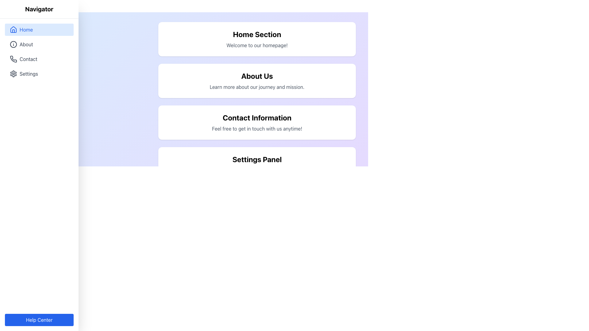 The height and width of the screenshot is (331, 589). I want to click on the 'Help Center' button, which is a rectangular button with rounded corners and a blue background located at the bottom of the sidebar navigation panel, so click(39, 320).